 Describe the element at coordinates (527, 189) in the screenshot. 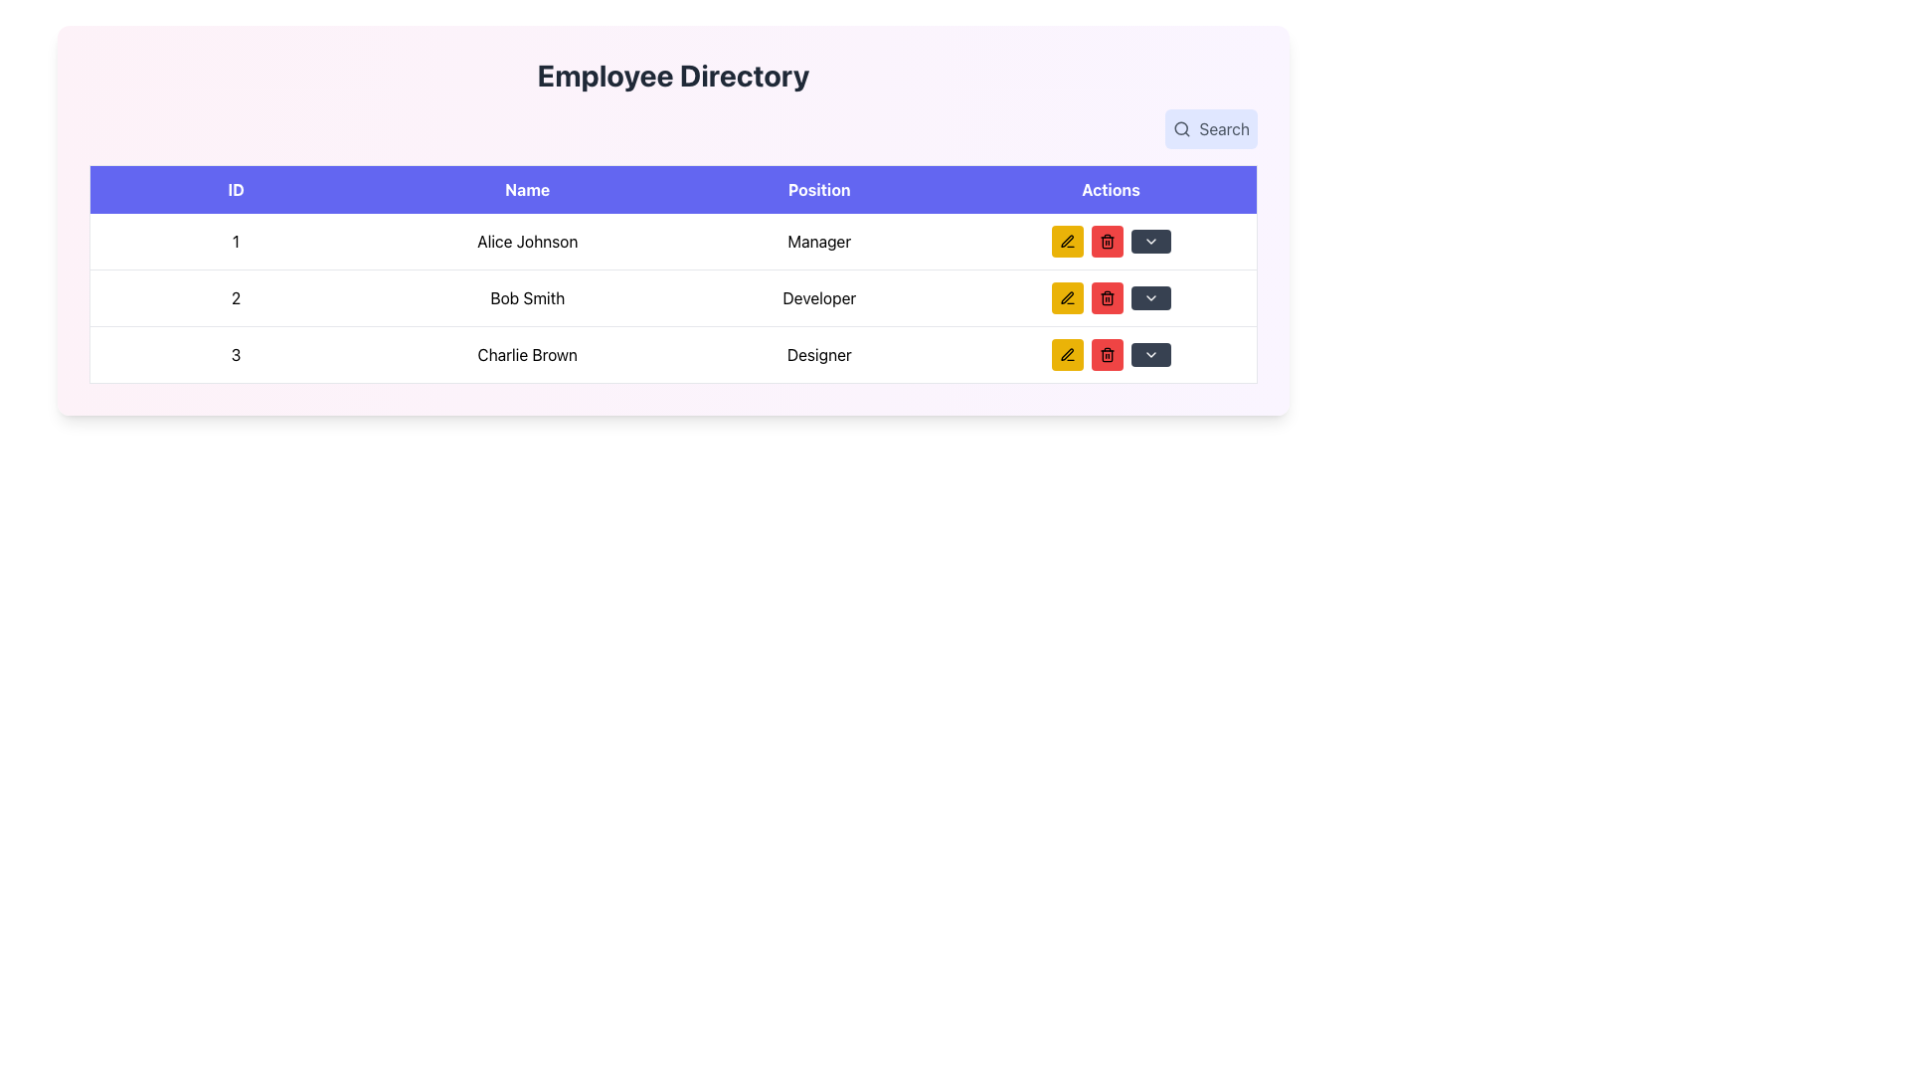

I see `the text block labeled 'Name' which is the second column header in a table, styled with white text on a purple background` at that location.